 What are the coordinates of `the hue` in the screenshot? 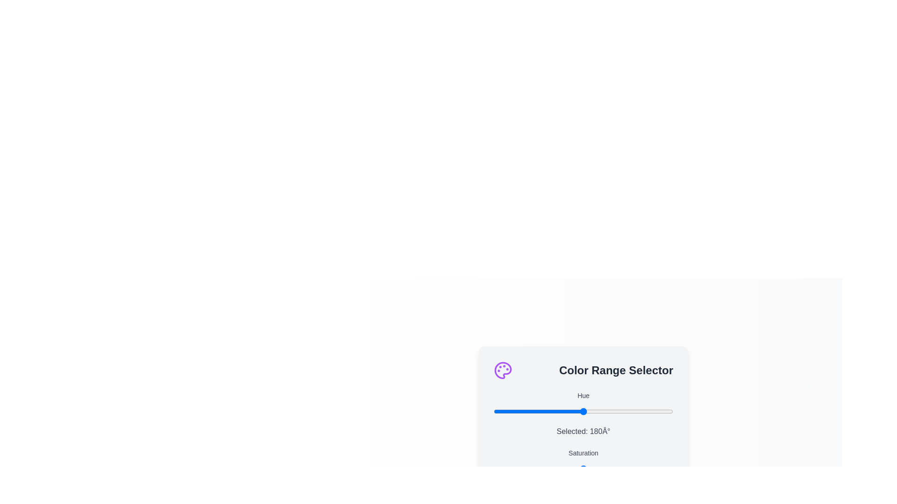 It's located at (577, 411).